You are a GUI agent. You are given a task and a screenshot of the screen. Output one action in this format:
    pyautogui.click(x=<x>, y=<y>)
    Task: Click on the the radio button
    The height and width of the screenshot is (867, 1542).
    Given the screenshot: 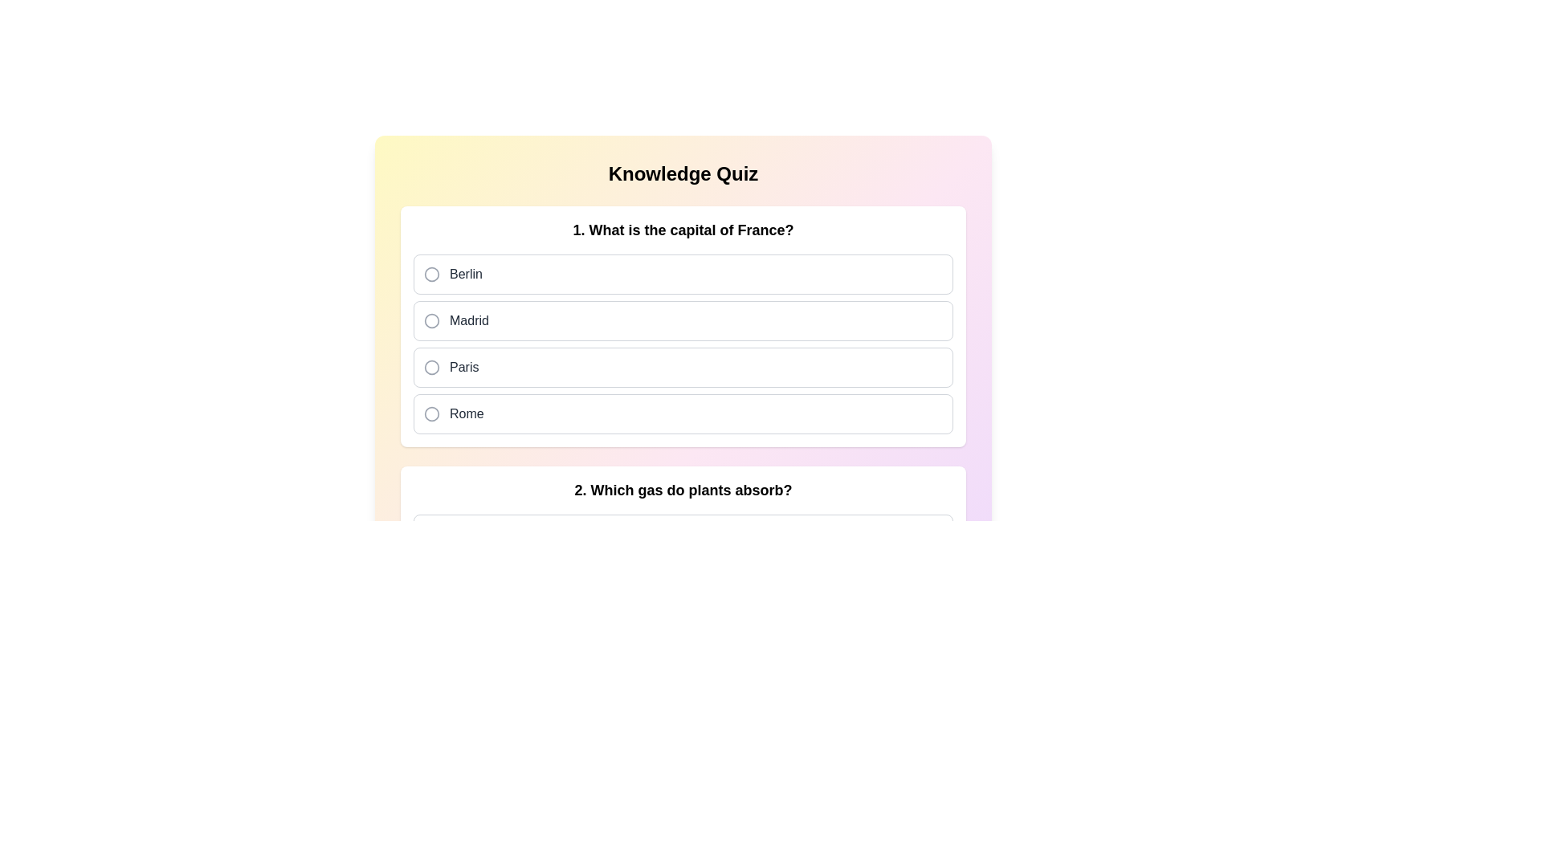 What is the action you would take?
    pyautogui.click(x=683, y=368)
    